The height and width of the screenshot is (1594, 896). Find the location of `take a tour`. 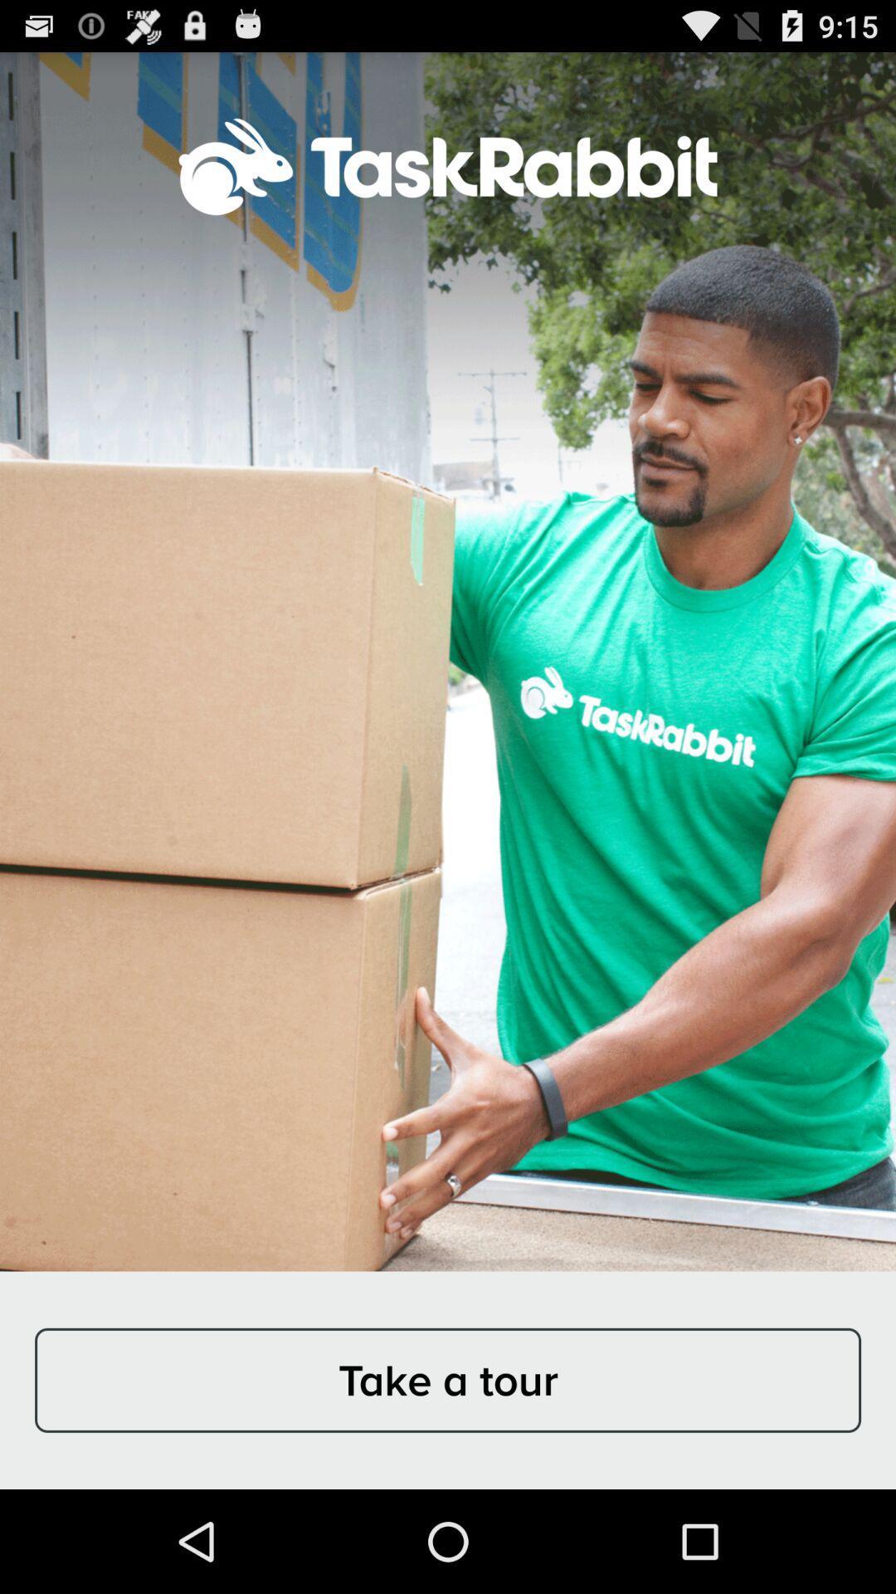

take a tour is located at coordinates (448, 1380).